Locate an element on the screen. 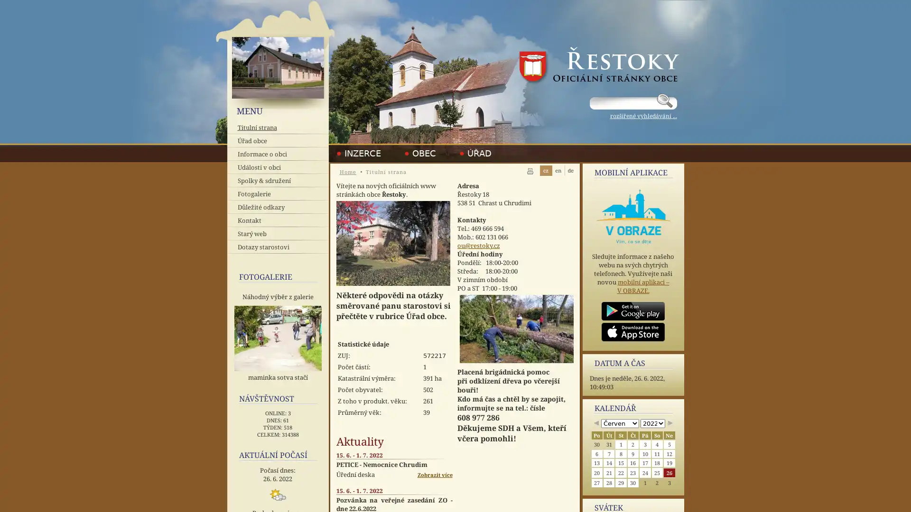  Hledat is located at coordinates (666, 101).